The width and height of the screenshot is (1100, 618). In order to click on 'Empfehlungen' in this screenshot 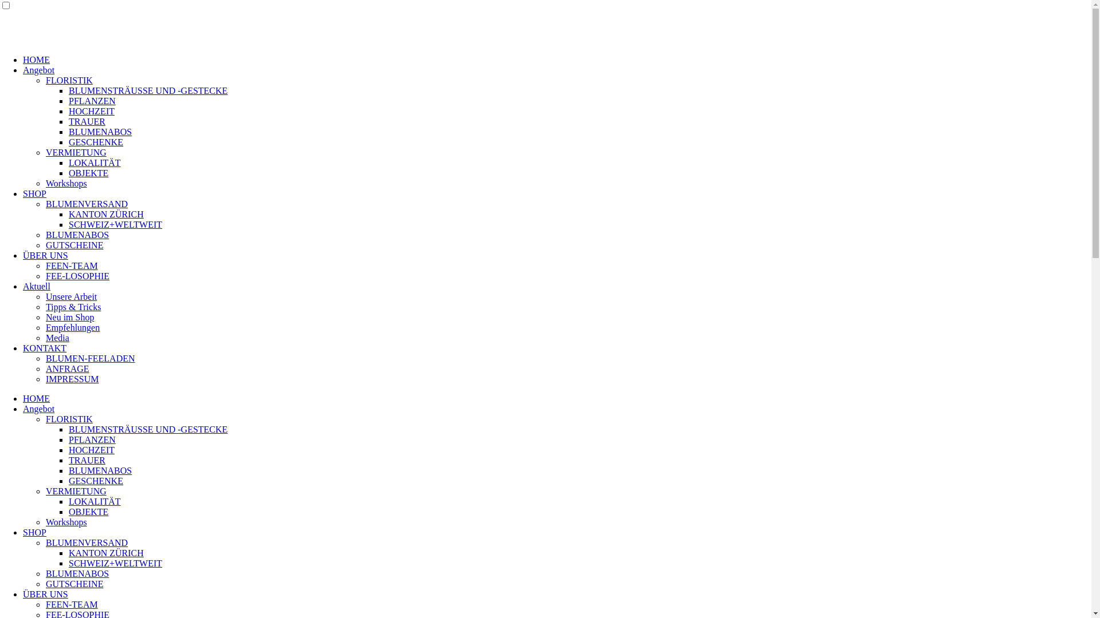, I will do `click(72, 327)`.